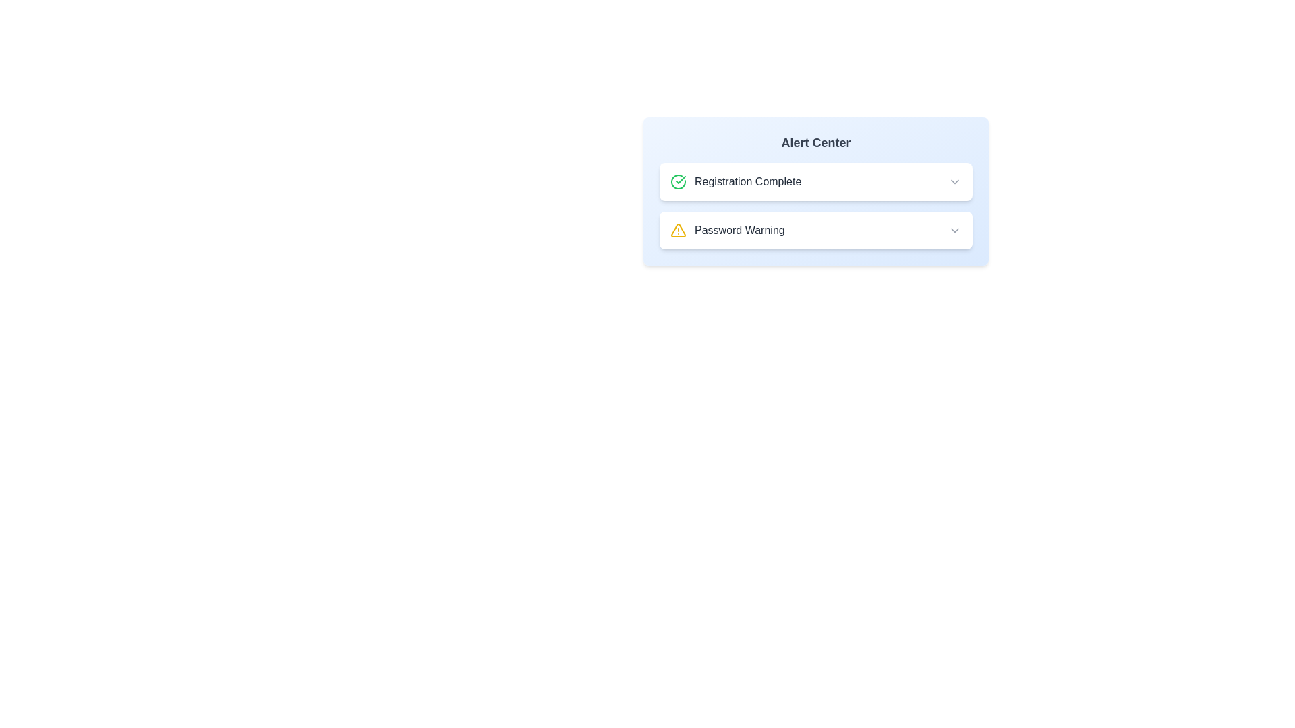  Describe the element at coordinates (815, 230) in the screenshot. I see `the alert title Password Warning` at that location.